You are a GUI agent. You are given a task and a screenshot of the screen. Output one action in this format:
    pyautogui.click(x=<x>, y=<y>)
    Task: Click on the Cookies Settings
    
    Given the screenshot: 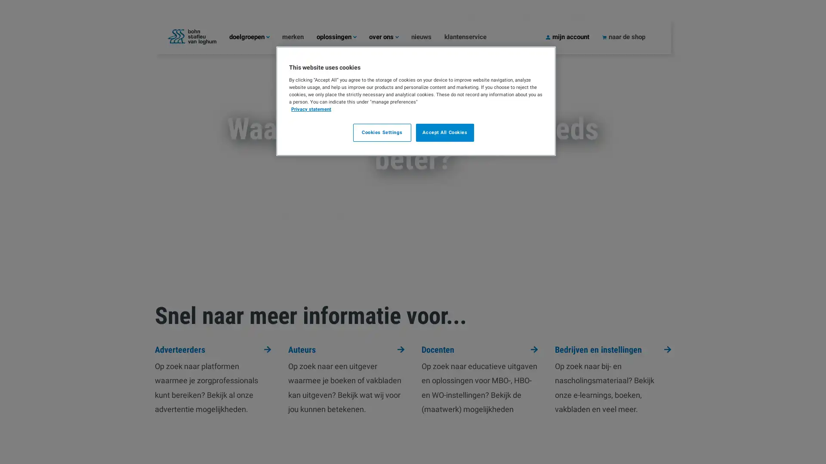 What is the action you would take?
    pyautogui.click(x=381, y=132)
    